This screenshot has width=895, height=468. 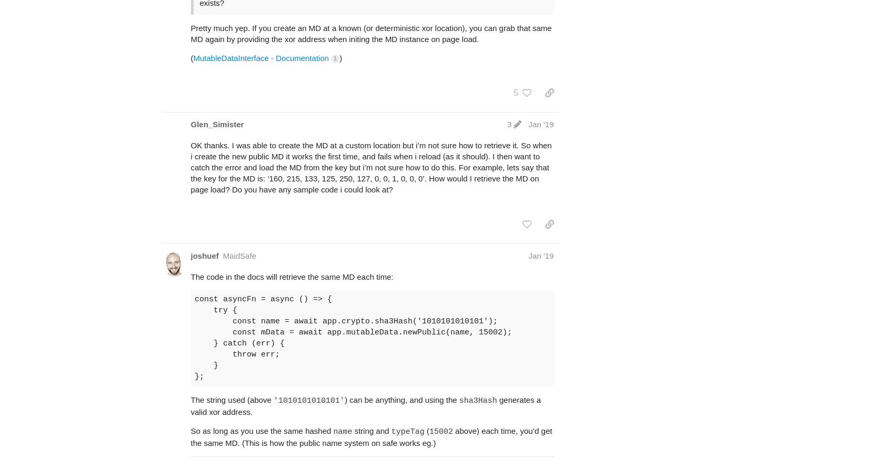 I want to click on 'above) each time, you’d get the same MD. (This is how the public name system on safe works eg.)', so click(x=370, y=436).